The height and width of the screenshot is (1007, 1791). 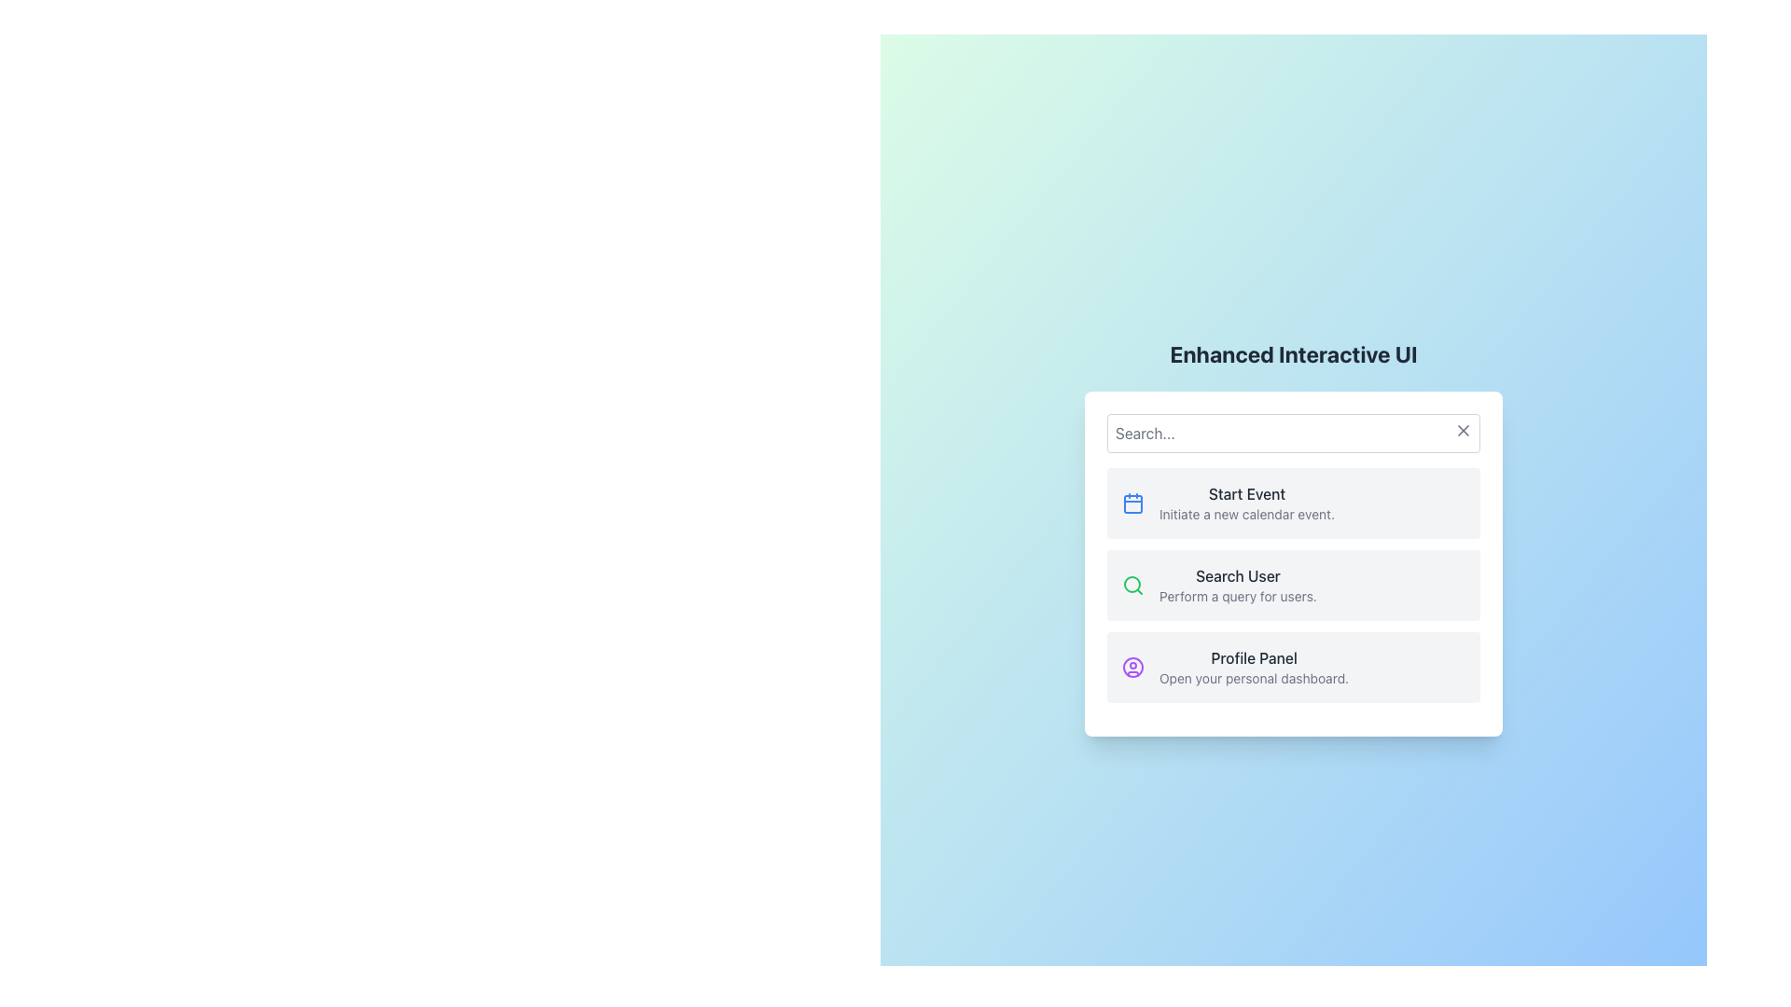 I want to click on descriptive label indicating 'Profile Panel' and its subtitle 'Open your personal dashboard.' located at the third position in the list of options, so click(x=1254, y=667).